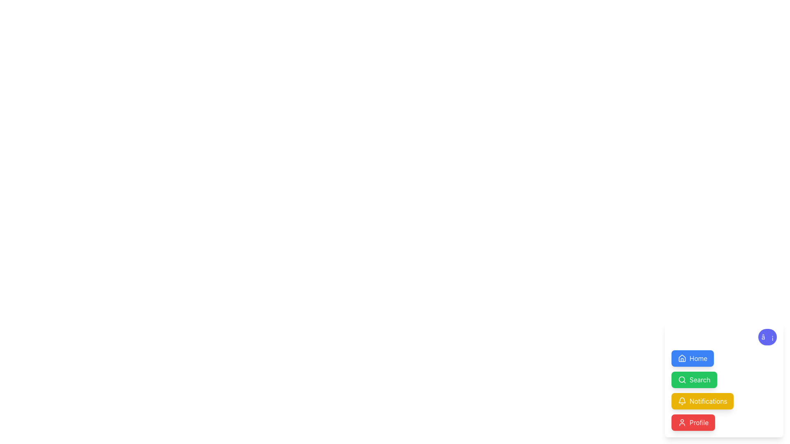  I want to click on the interactive button located in the top-right corner of the interface, so click(692, 358).